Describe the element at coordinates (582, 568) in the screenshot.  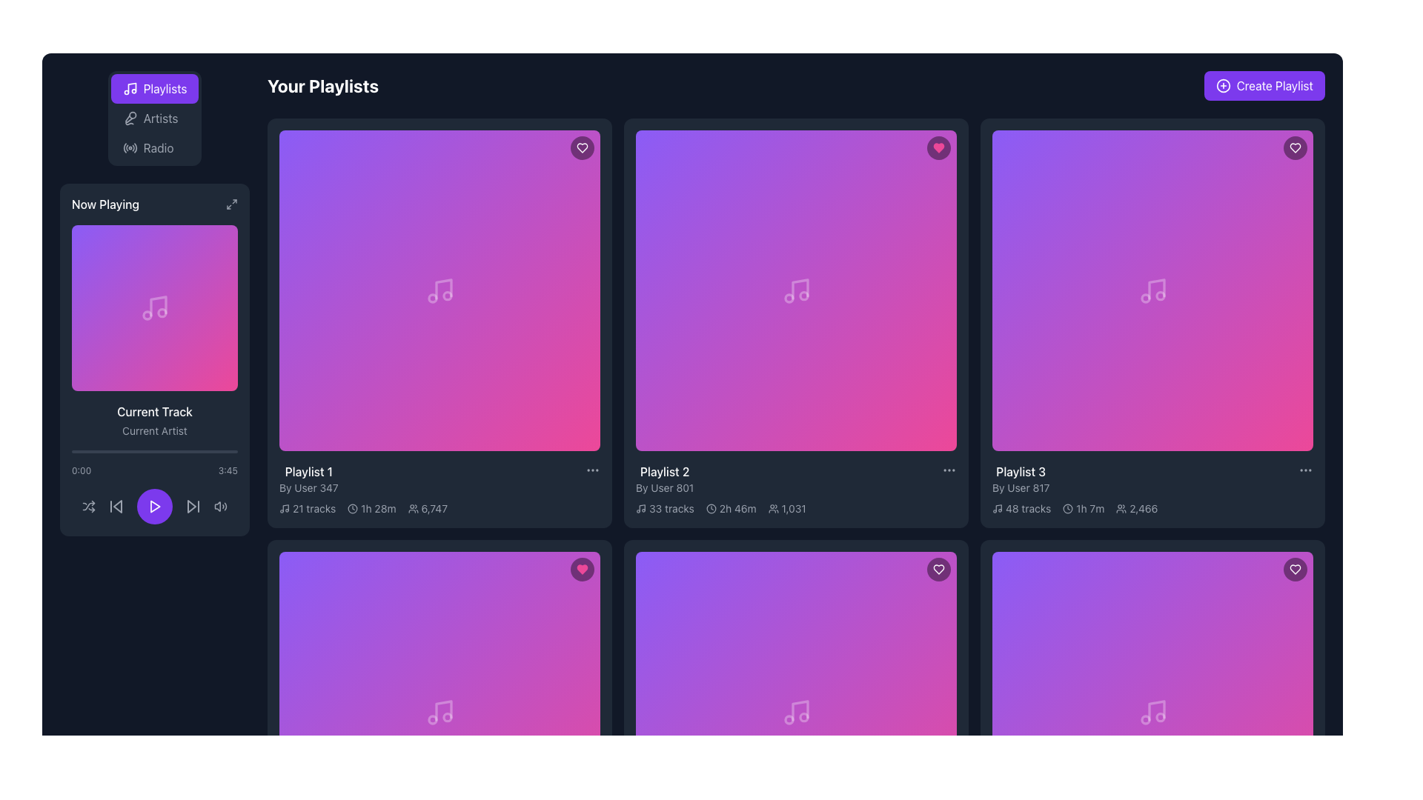
I see `the pink heart icon button located at the upper right corner of 'Playlist 2'` at that location.